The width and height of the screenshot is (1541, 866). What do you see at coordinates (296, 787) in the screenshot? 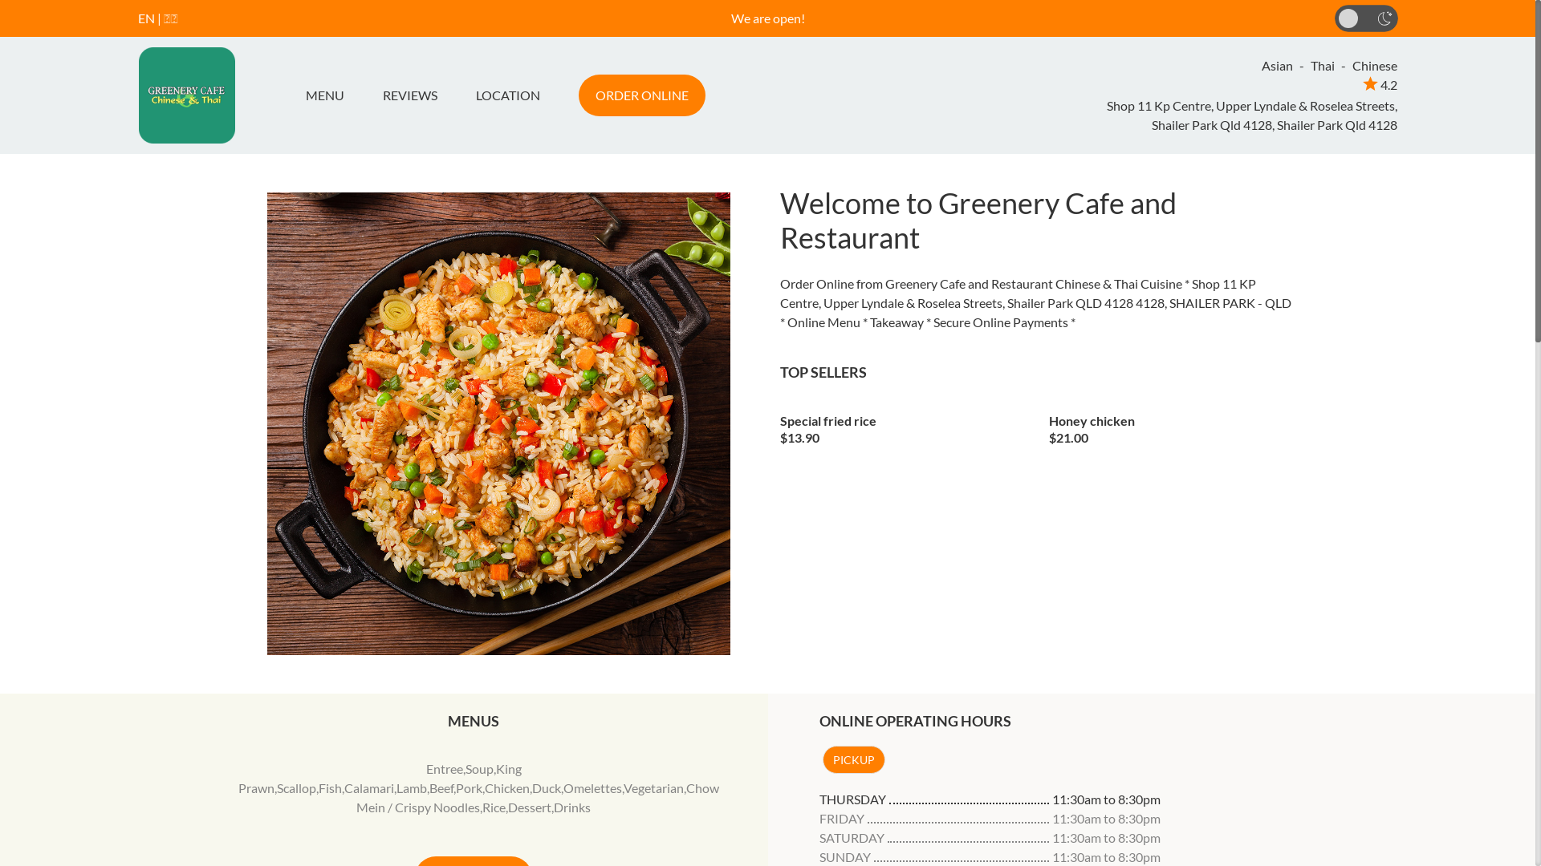
I see `'Scallop'` at bounding box center [296, 787].